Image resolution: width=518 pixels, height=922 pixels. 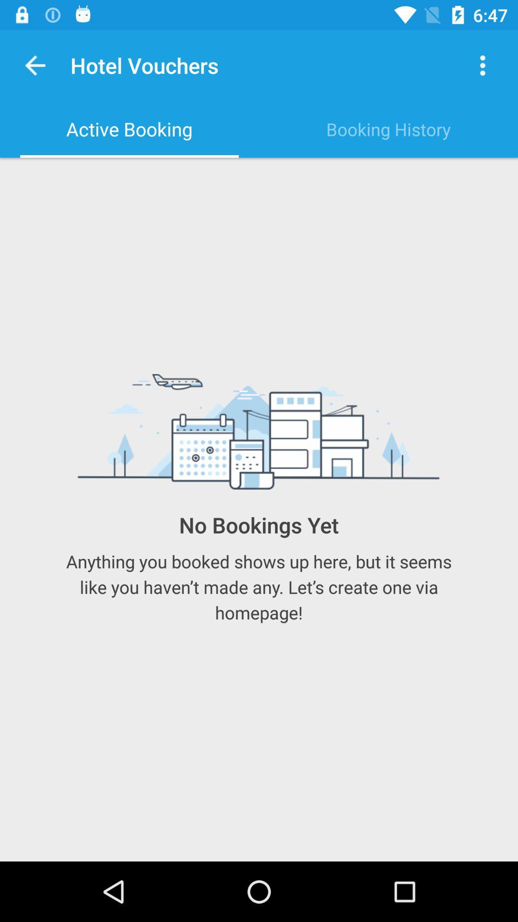 What do you see at coordinates (129, 129) in the screenshot?
I see `the item to the left of booking history` at bounding box center [129, 129].